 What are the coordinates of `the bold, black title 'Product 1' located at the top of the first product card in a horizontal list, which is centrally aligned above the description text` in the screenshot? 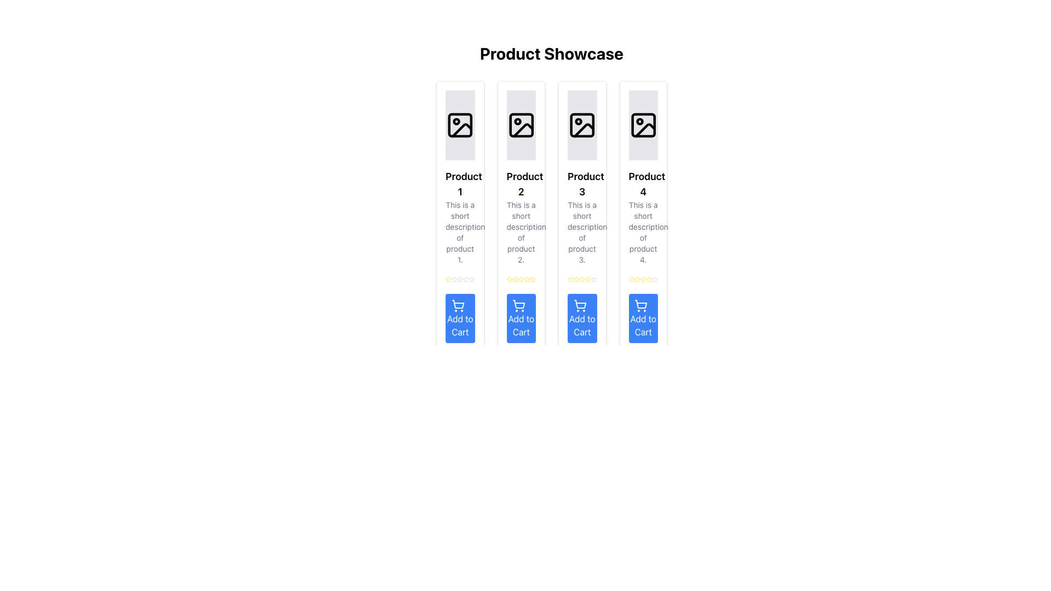 It's located at (460, 183).